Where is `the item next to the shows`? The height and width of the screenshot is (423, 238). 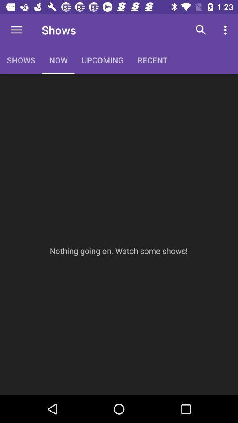 the item next to the shows is located at coordinates (16, 30).